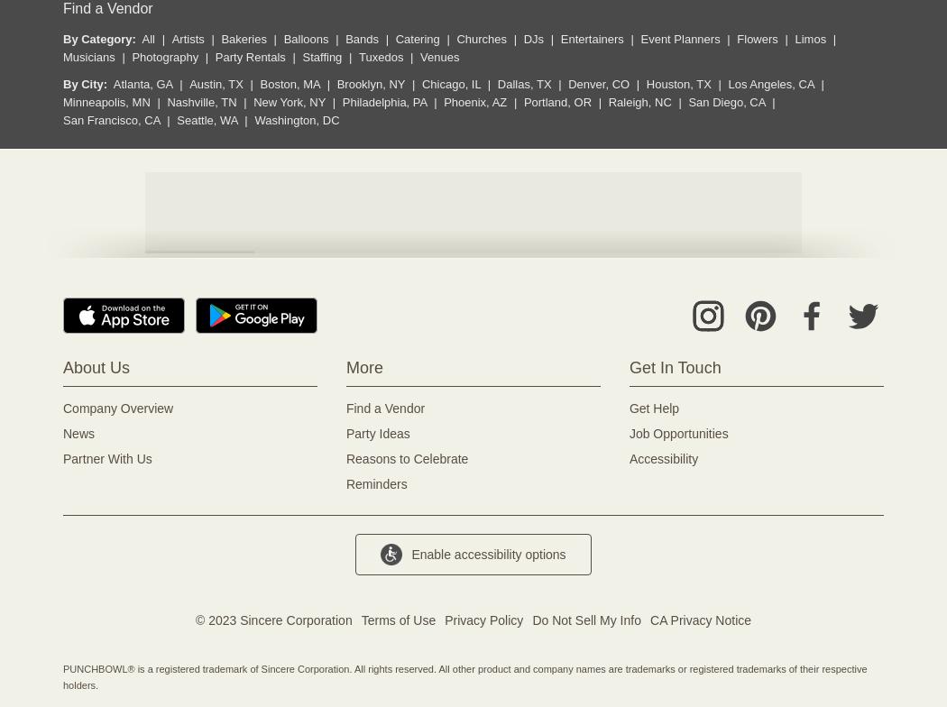  I want to click on 'Privacy Policy', so click(483, 620).